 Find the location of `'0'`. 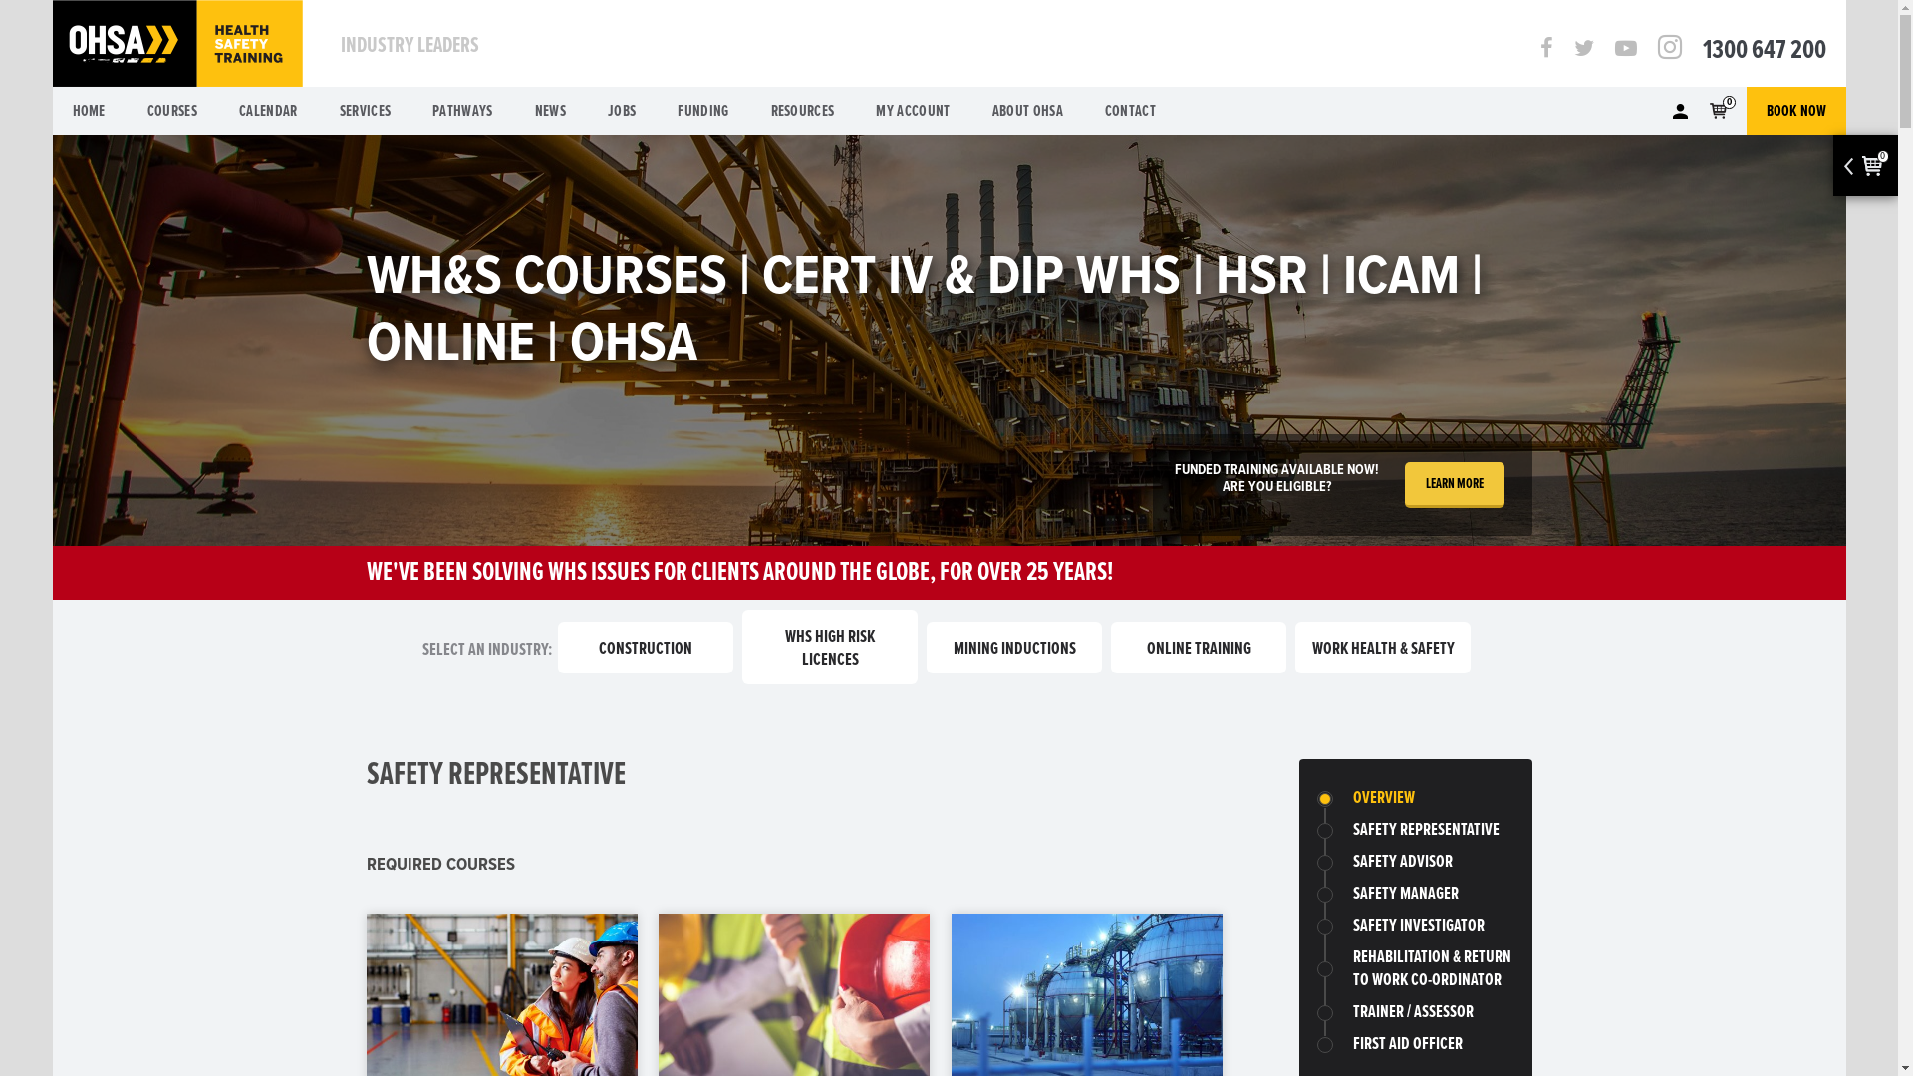

'0' is located at coordinates (1717, 111).